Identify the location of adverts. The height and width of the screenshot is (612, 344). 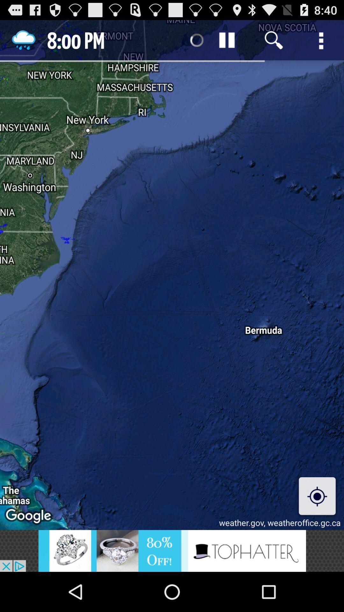
(172, 550).